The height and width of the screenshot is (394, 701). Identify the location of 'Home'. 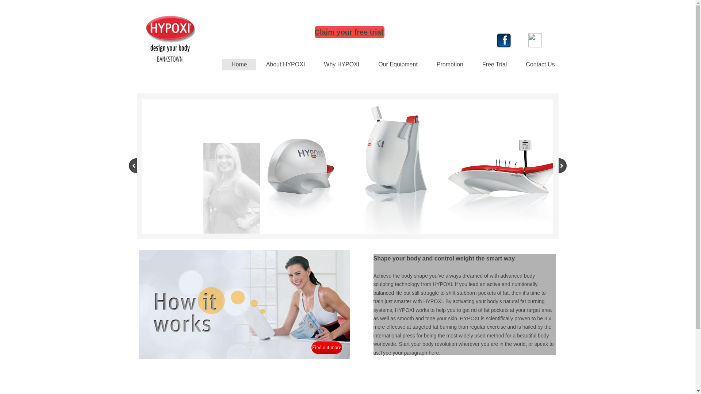
(222, 64).